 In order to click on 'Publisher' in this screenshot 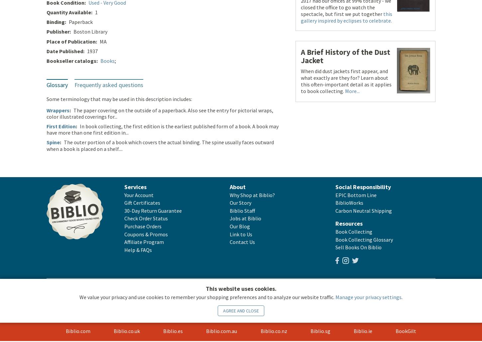, I will do `click(46, 32)`.